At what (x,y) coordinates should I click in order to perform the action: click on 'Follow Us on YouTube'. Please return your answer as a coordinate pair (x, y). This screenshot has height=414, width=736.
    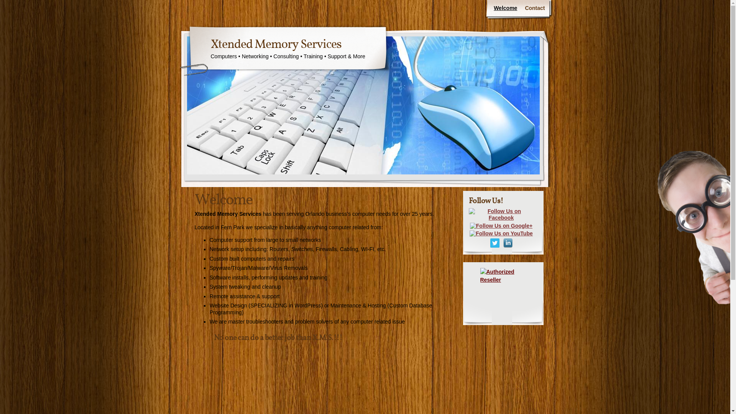
    Looking at the image, I should click on (501, 233).